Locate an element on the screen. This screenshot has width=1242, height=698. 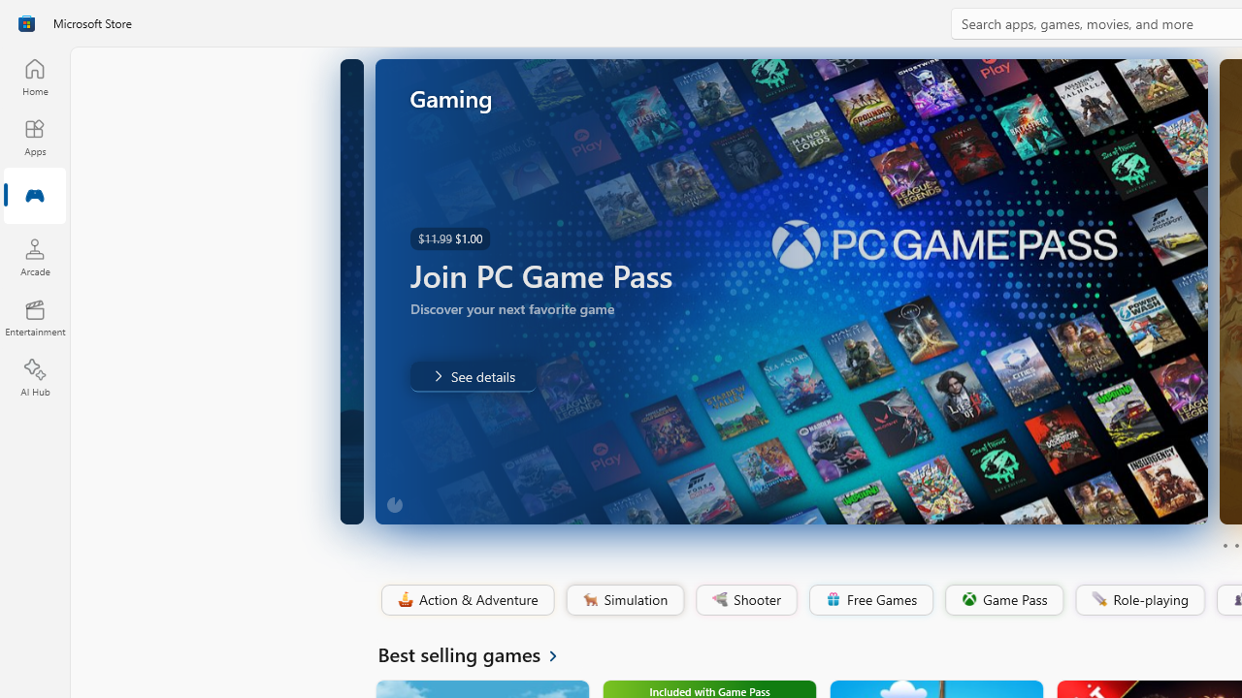
'Free Games' is located at coordinates (869, 599).